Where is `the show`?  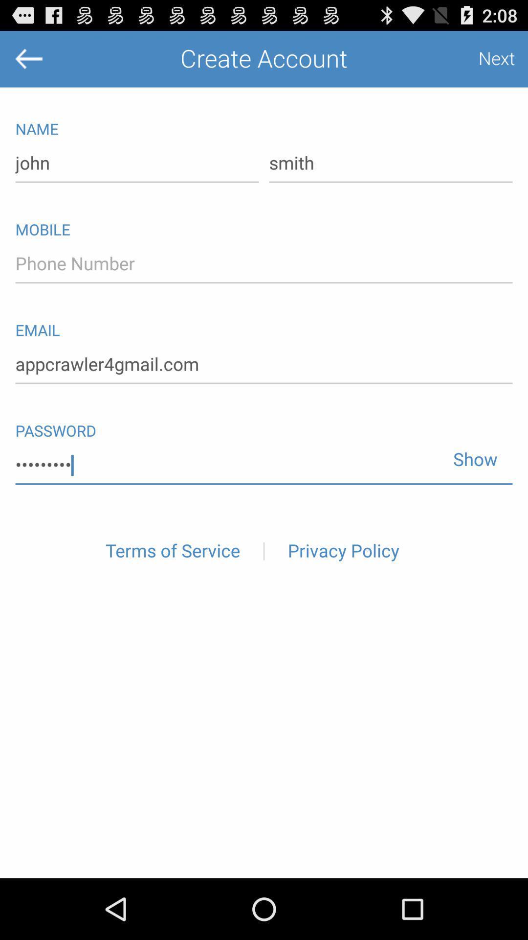
the show is located at coordinates (471, 454).